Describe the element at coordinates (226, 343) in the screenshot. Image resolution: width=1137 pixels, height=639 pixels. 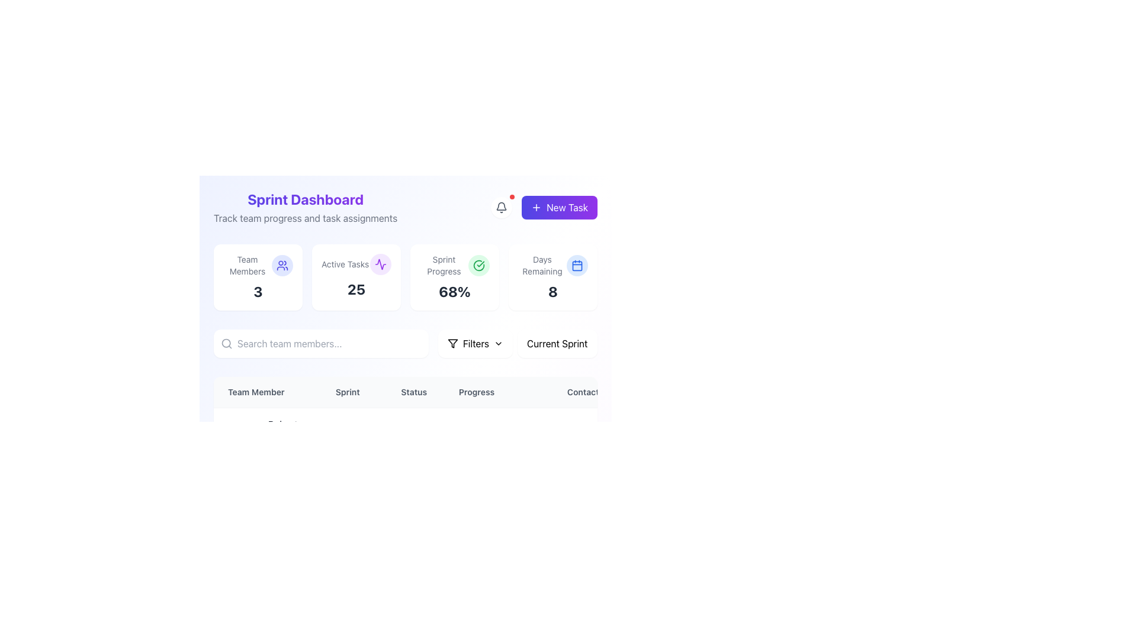
I see `the SVG circle element representing part of the search icon inside the search input bar, located below the summary statistics area` at that location.